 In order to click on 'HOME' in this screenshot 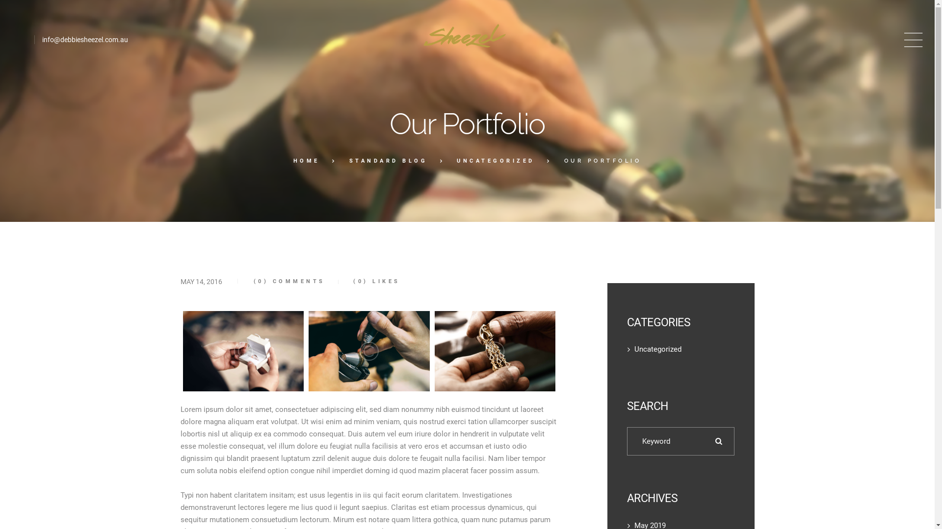, I will do `click(306, 160)`.